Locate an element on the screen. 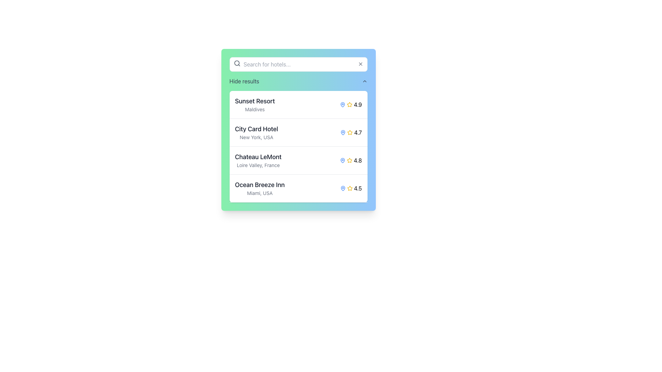 Image resolution: width=662 pixels, height=372 pixels. the gold-colored star icon representing the rating for 'City Card Hotel' in the hotel listing interface, which is located in the second row of the list is located at coordinates (350, 132).